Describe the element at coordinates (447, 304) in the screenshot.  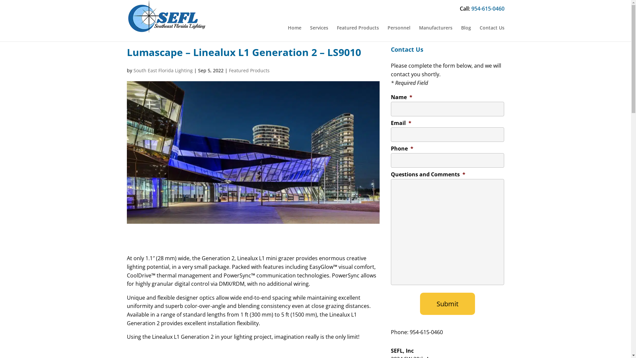
I see `'Submit'` at that location.